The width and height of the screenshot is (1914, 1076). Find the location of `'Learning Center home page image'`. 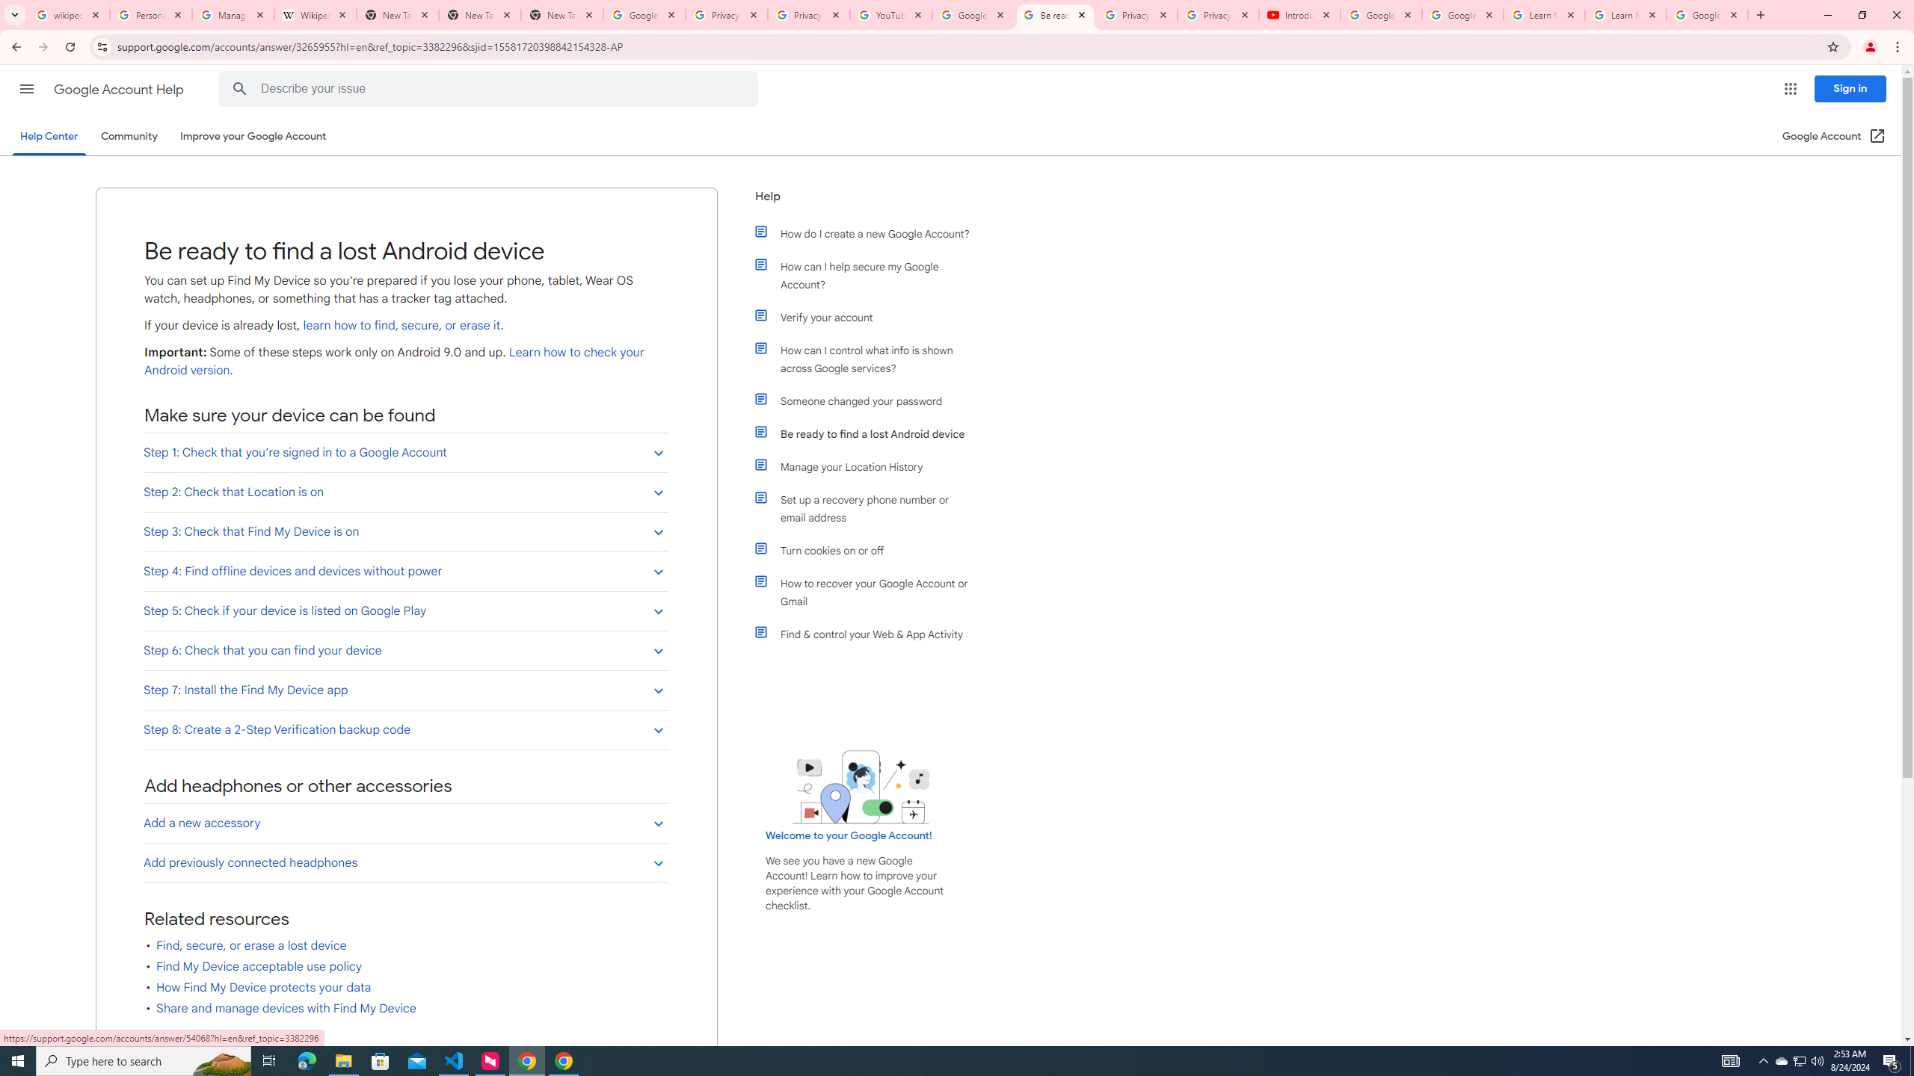

'Learning Center home page image' is located at coordinates (861, 787).